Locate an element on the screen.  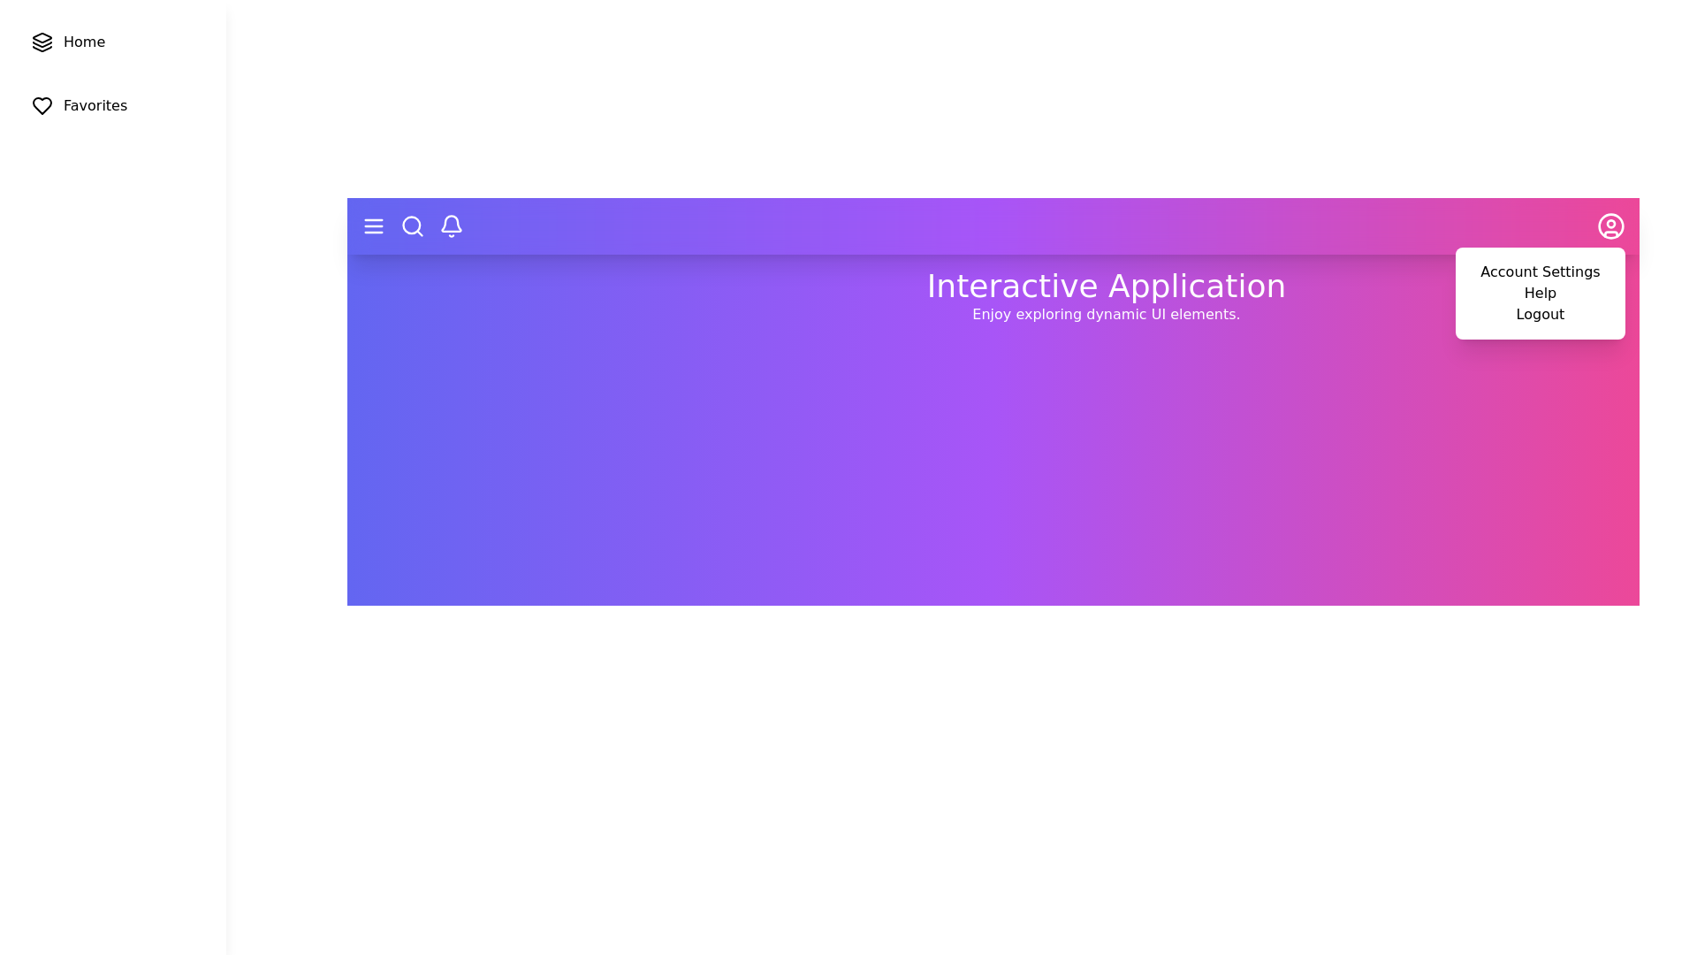
the sidebar option Favorites is located at coordinates (112, 105).